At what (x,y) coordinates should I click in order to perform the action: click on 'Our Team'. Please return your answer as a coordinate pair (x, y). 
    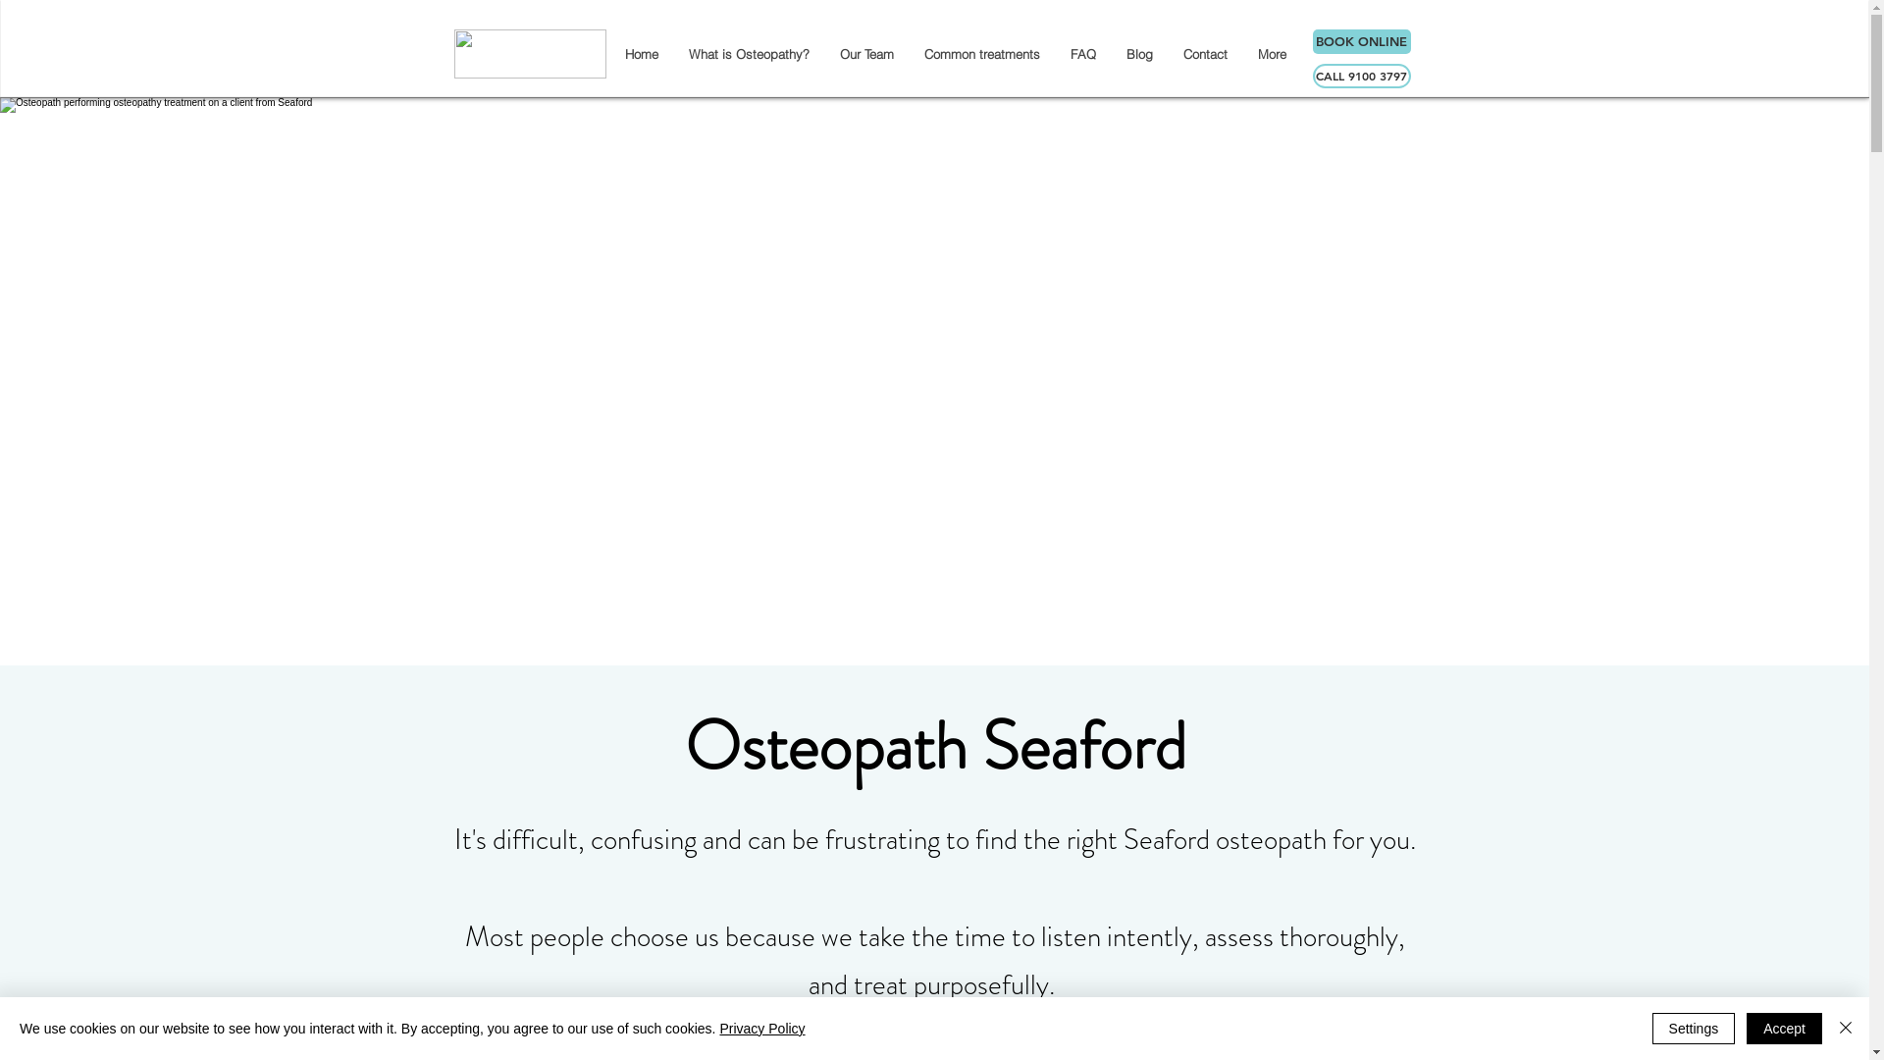
    Looking at the image, I should click on (865, 52).